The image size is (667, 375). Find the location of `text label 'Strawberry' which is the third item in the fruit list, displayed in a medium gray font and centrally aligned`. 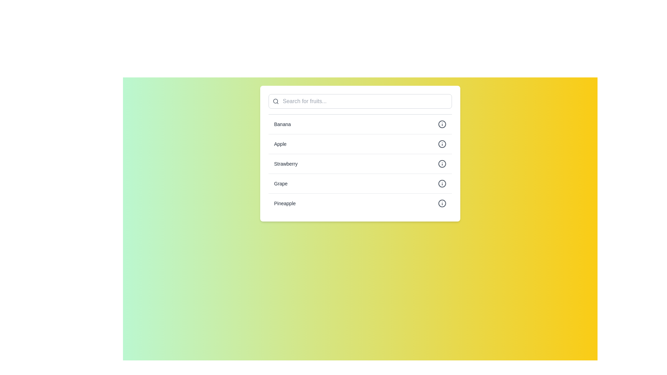

text label 'Strawberry' which is the third item in the fruit list, displayed in a medium gray font and centrally aligned is located at coordinates (286, 164).